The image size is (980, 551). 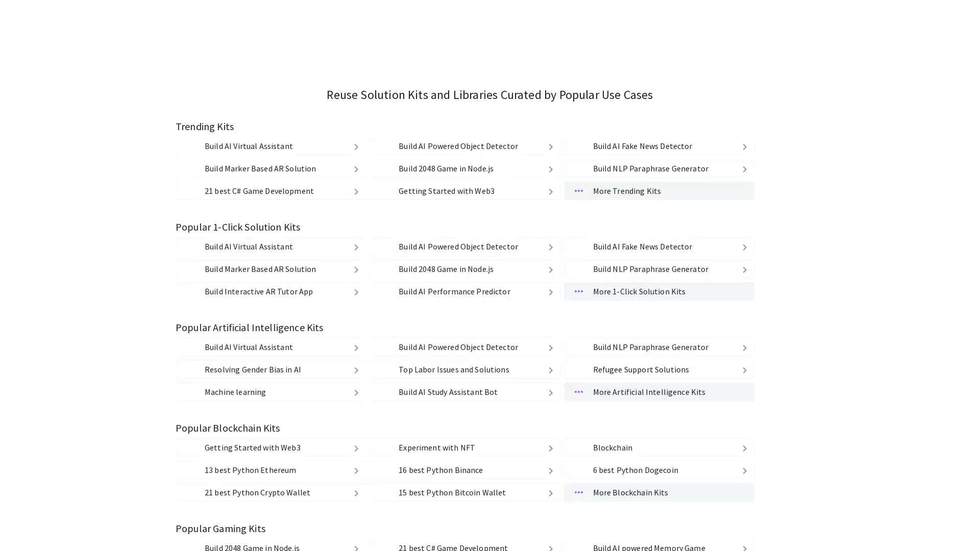 What do you see at coordinates (205, 256) in the screenshot?
I see `PHP PHP` at bounding box center [205, 256].